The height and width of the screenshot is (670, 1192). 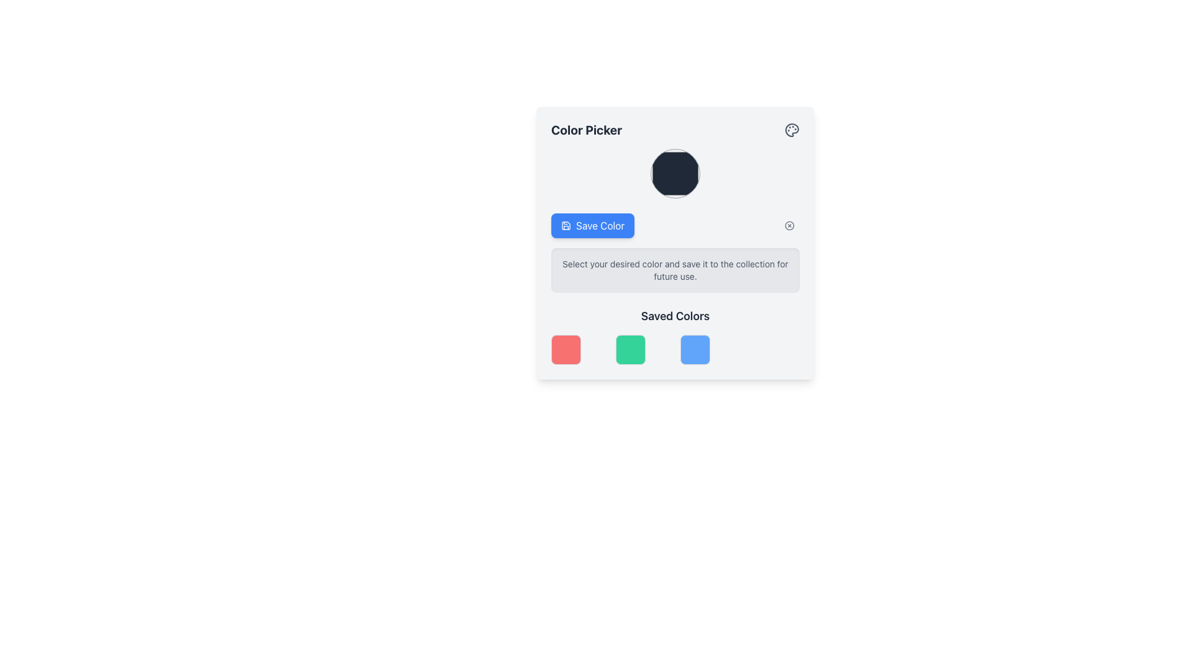 What do you see at coordinates (789, 225) in the screenshot?
I see `the circular graphical component with a stroke outline, part of the 'Save Color' interface, located towards the top-right corner as a circular cross icon` at bounding box center [789, 225].